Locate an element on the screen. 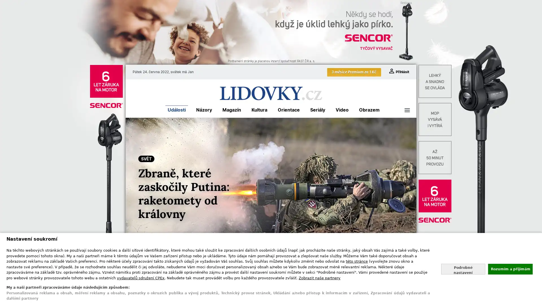  Zobrazit nase partnery is located at coordinates (320, 277).